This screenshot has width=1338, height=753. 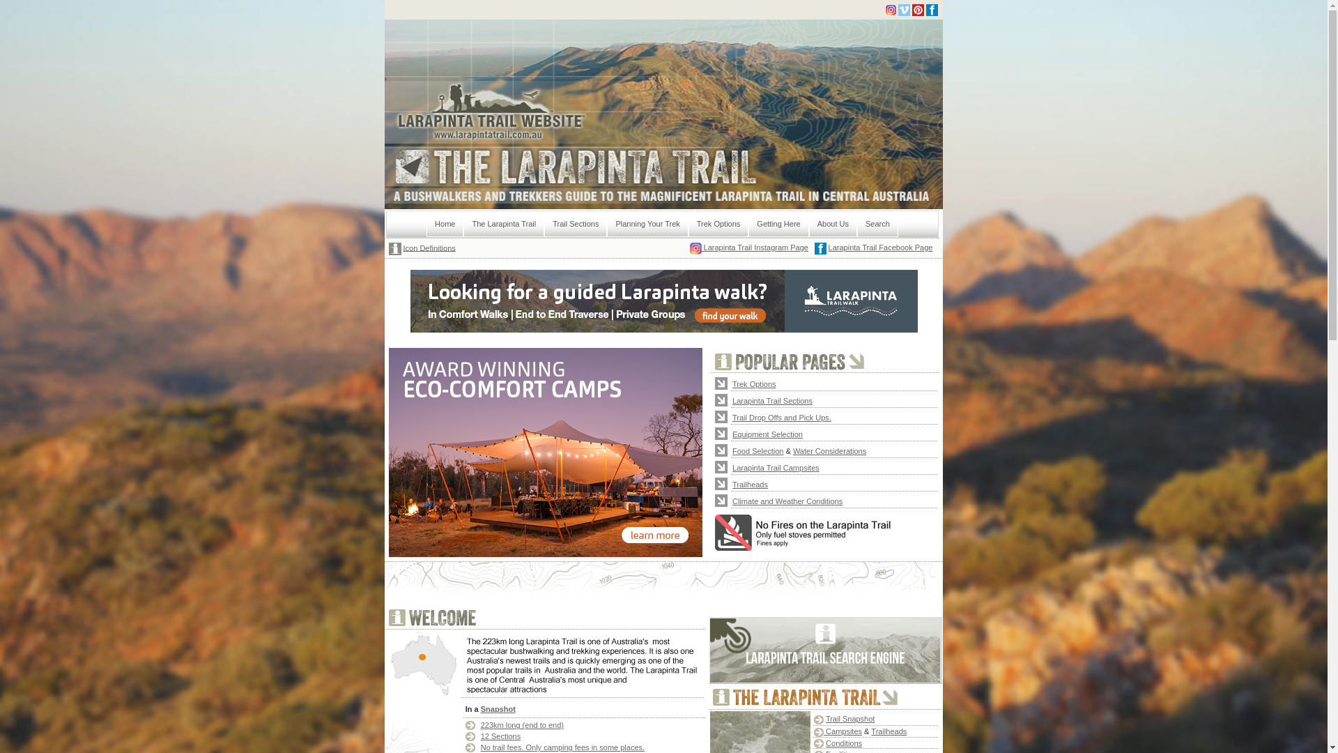 I want to click on 'No trail fees. Only camping fees in some places.', so click(x=562, y=747).